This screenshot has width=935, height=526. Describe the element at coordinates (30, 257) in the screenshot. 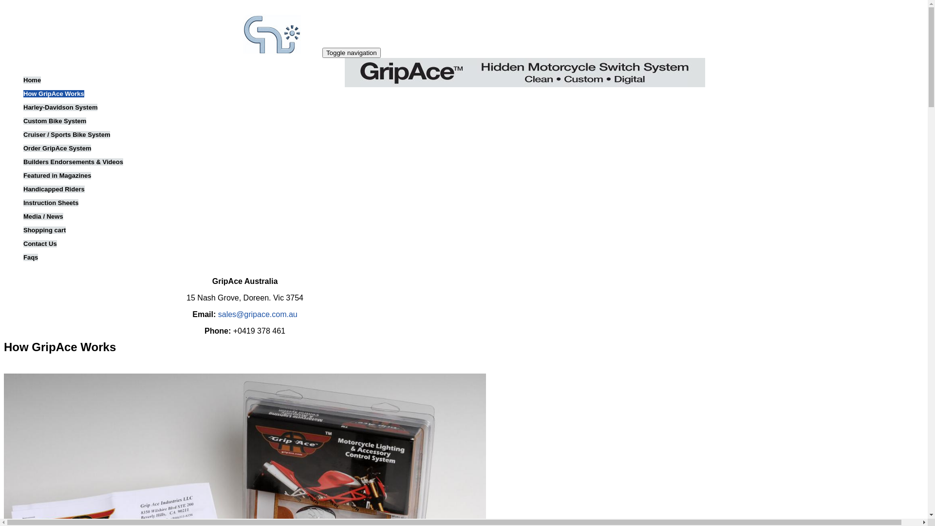

I see `'Faqs'` at that location.